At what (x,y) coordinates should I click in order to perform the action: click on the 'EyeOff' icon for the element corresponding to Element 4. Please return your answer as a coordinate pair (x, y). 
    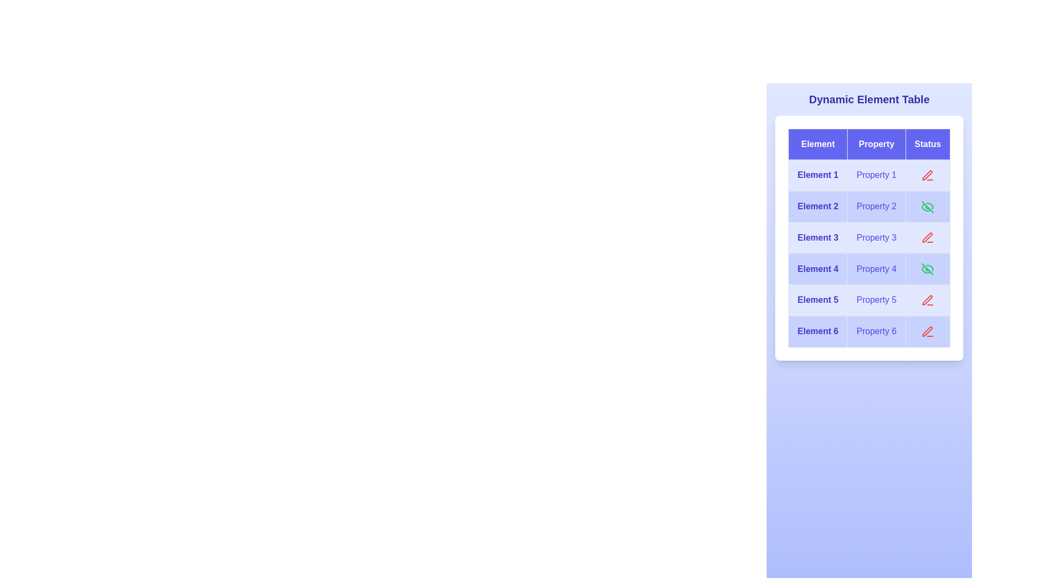
    Looking at the image, I should click on (927, 269).